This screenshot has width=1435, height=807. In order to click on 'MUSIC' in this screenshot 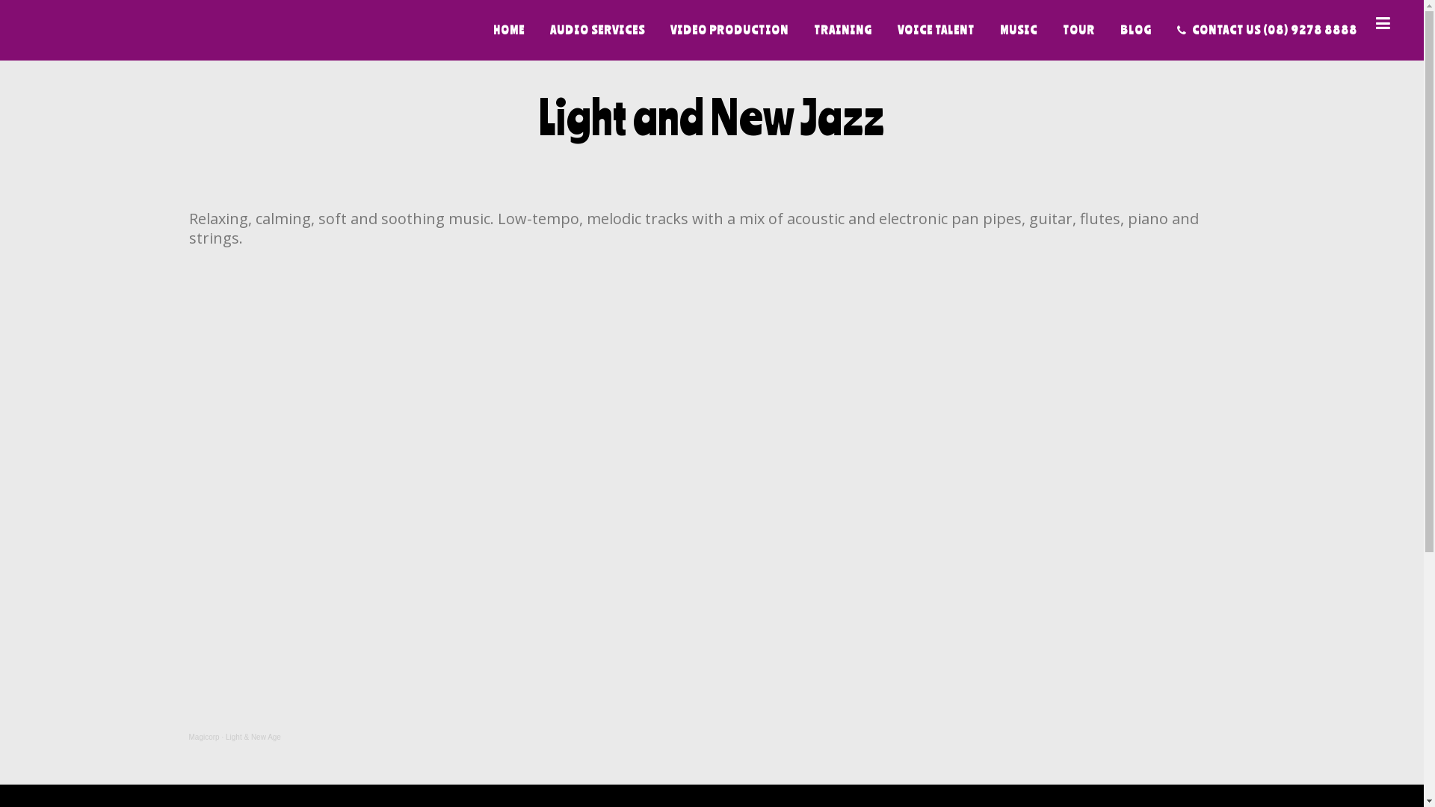, I will do `click(1018, 29)`.